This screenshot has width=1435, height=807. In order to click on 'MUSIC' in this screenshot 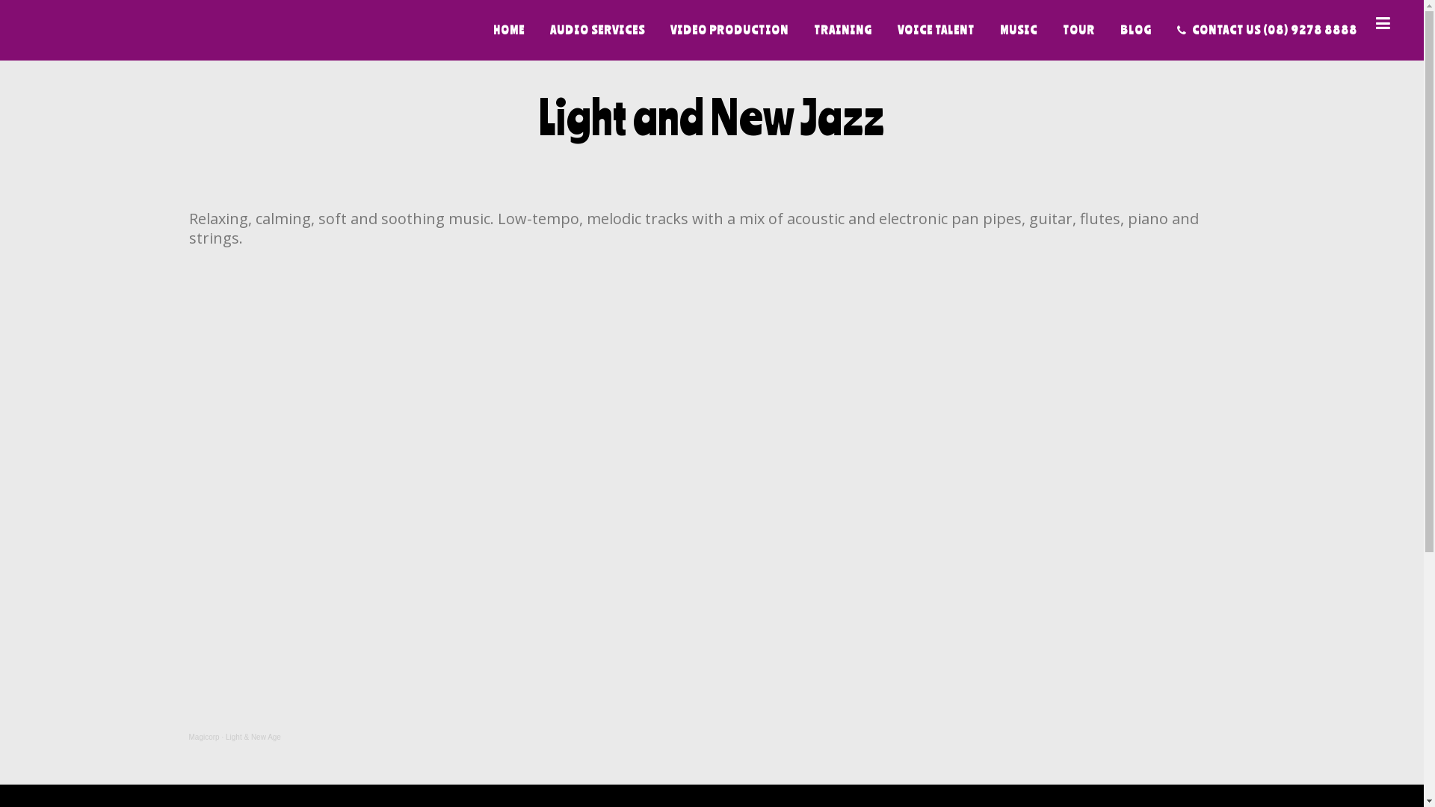, I will do `click(1018, 29)`.